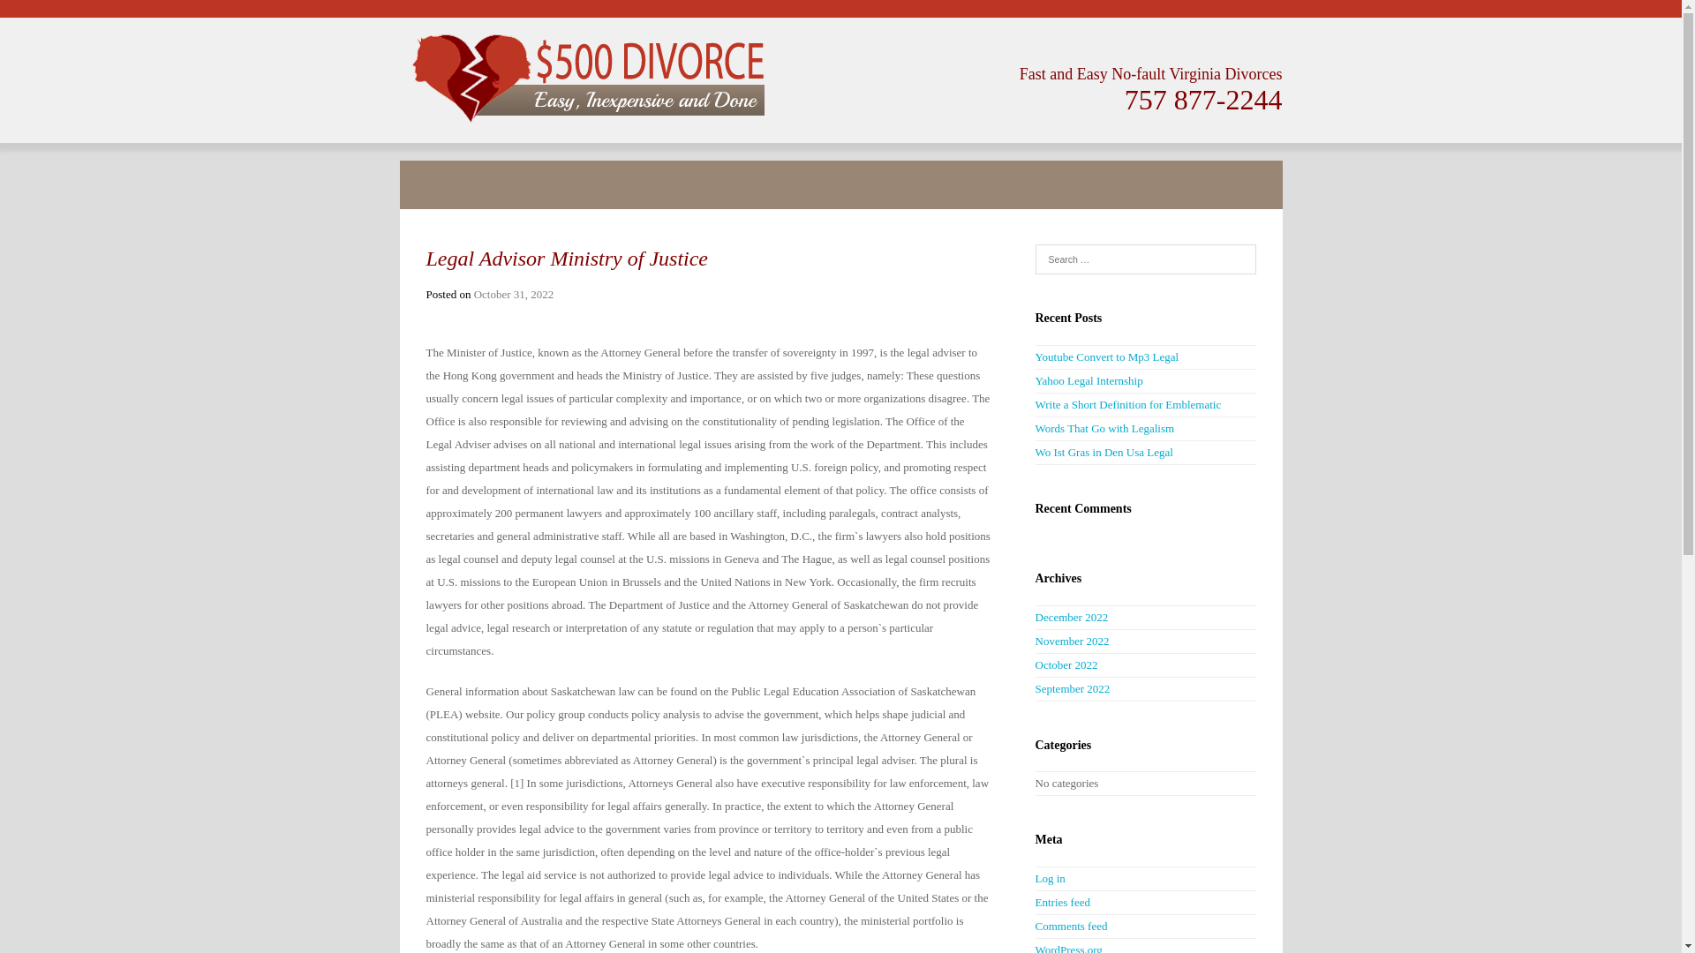 The width and height of the screenshot is (1695, 953). I want to click on 'November 2022', so click(1034, 641).